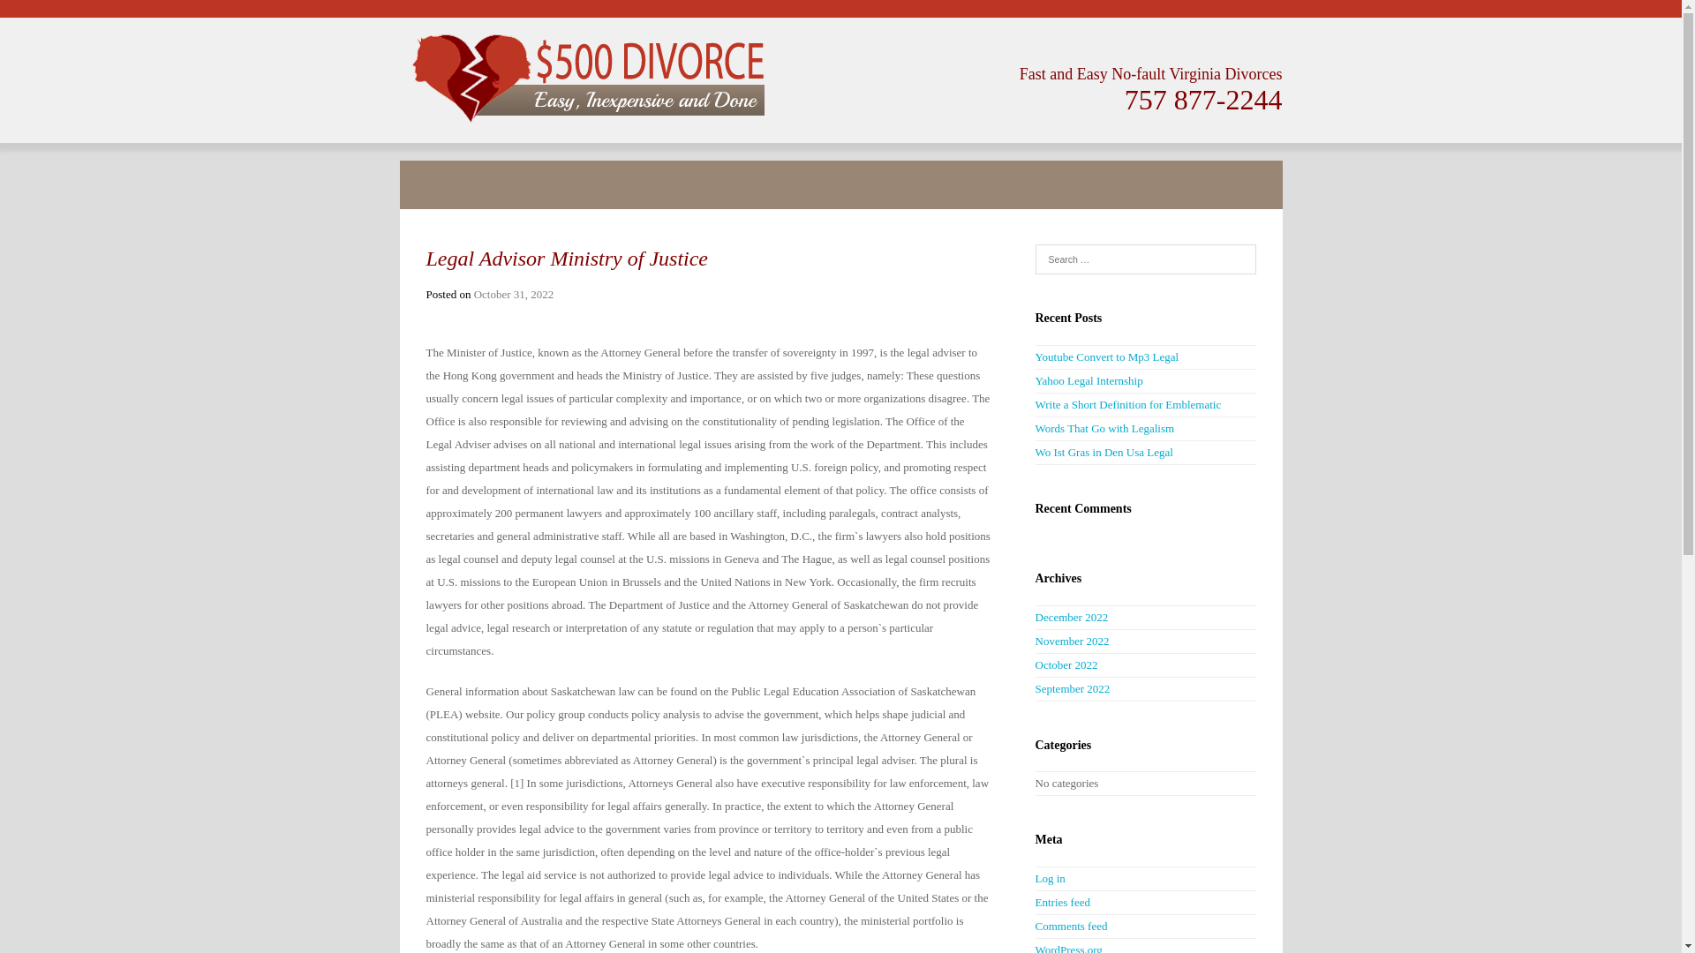 The width and height of the screenshot is (1695, 953). I want to click on 'November 2022', so click(1034, 641).